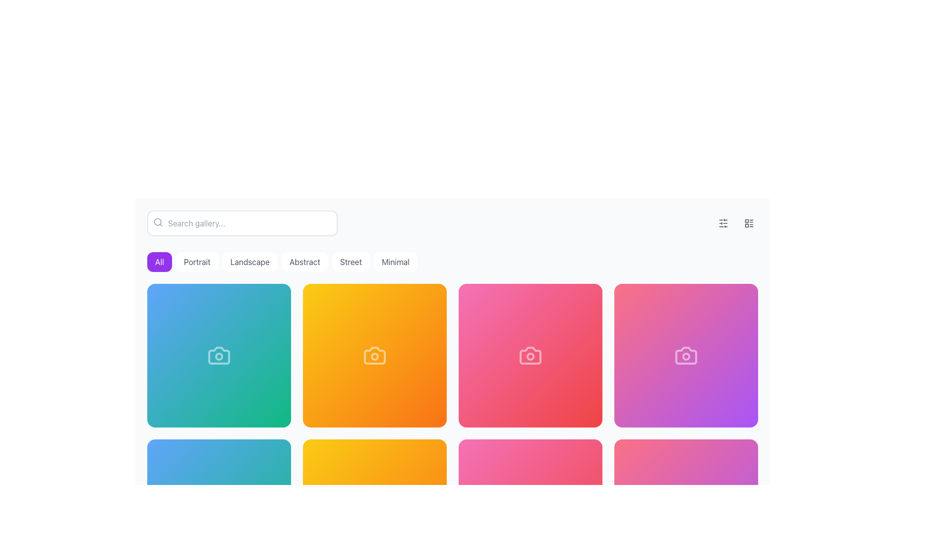 This screenshot has width=952, height=535. I want to click on the centrally located camera icon within the gradient background card in the first row, first column of the grid layout to interact with it, so click(218, 355).